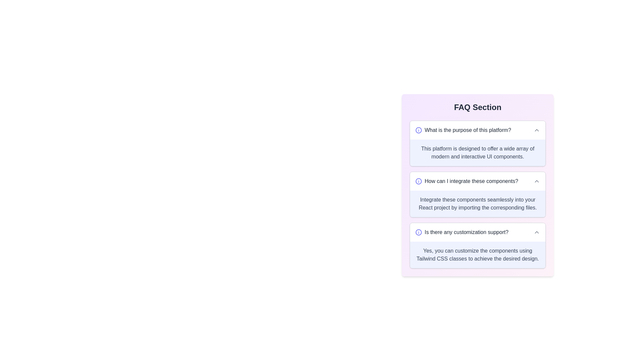 The image size is (637, 358). Describe the element at coordinates (418, 130) in the screenshot. I see `the visual styling of the SVG Circle element located next to the question 'What is the purpose of this platform?' in the FAQ section` at that location.